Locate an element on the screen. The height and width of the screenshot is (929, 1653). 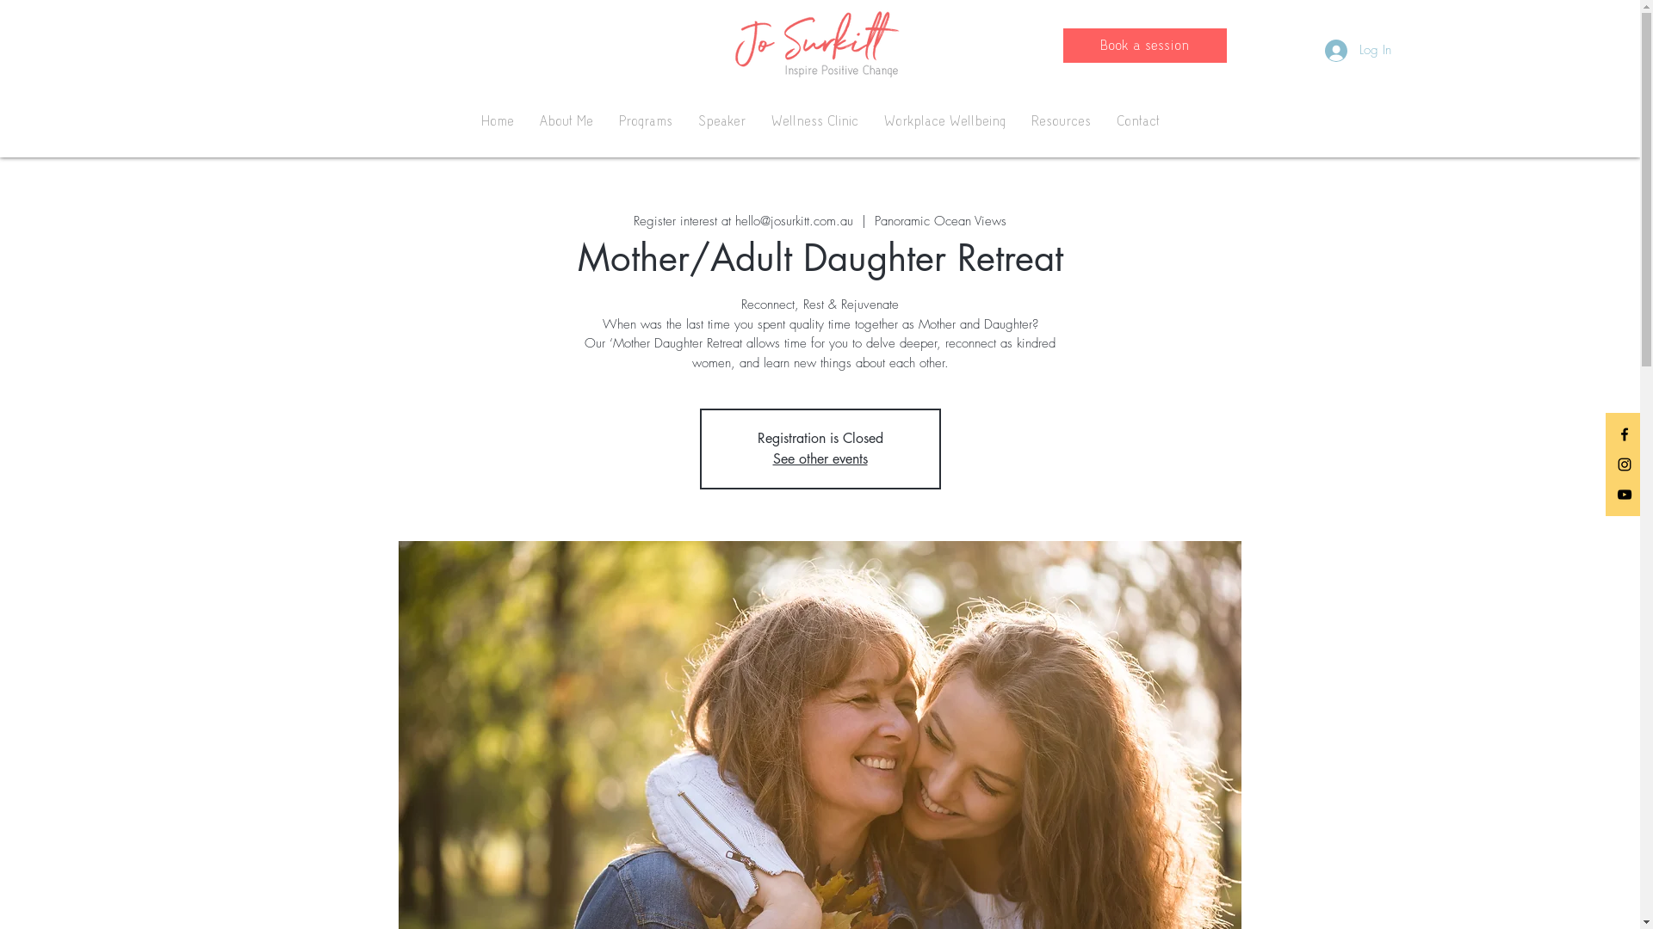
'About Me' is located at coordinates (566, 120).